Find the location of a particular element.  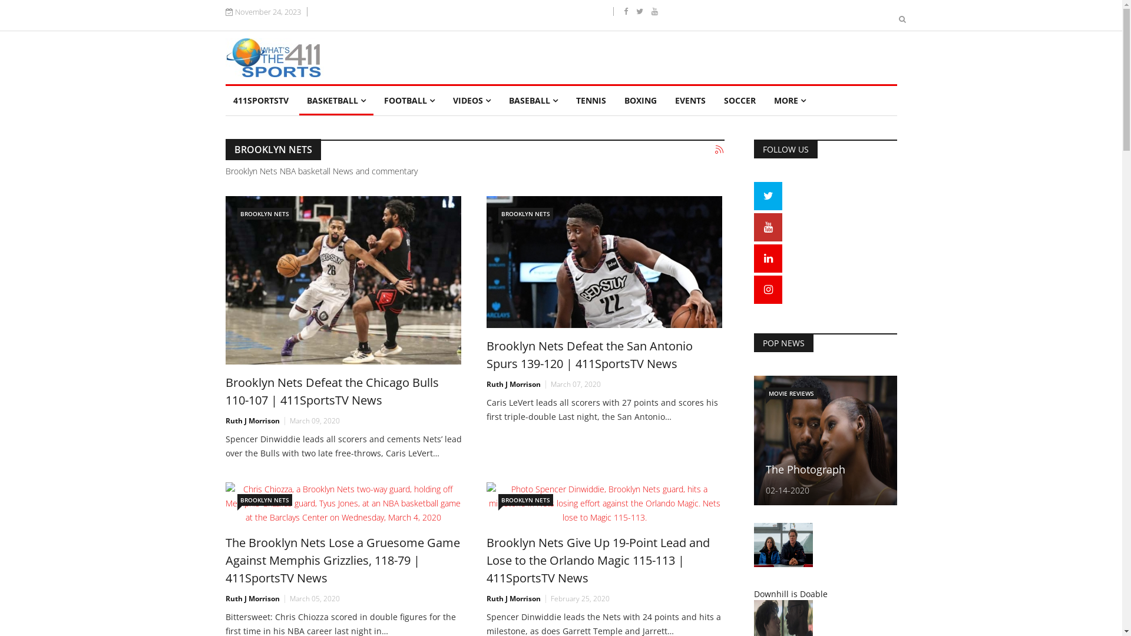

'FOOTBALL' is located at coordinates (409, 100).